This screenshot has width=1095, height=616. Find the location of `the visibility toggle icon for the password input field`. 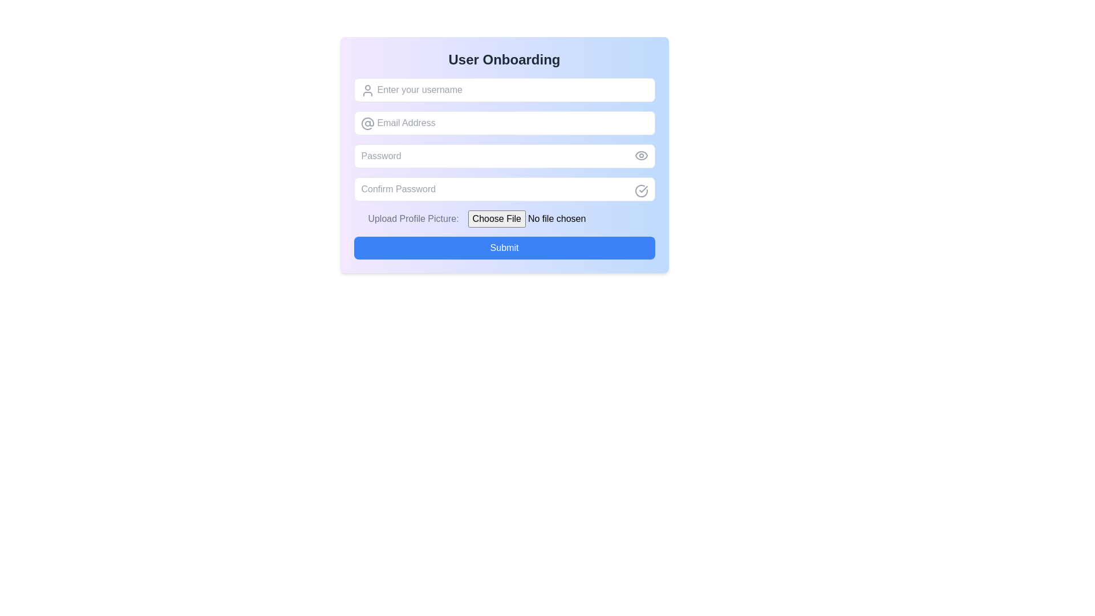

the visibility toggle icon for the password input field is located at coordinates (641, 156).